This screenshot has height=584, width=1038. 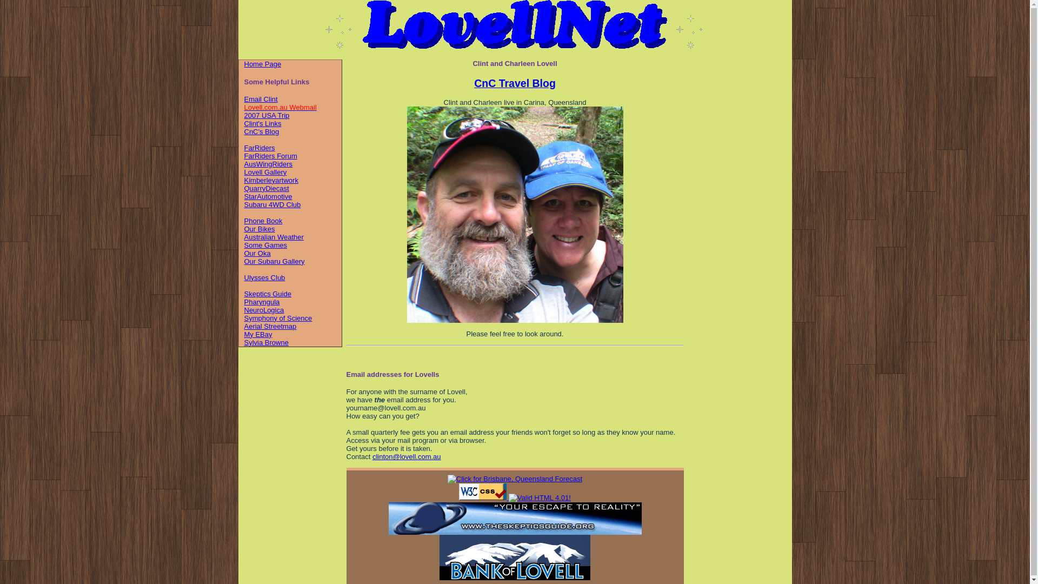 I want to click on 'AusWingRiders', so click(x=269, y=164).